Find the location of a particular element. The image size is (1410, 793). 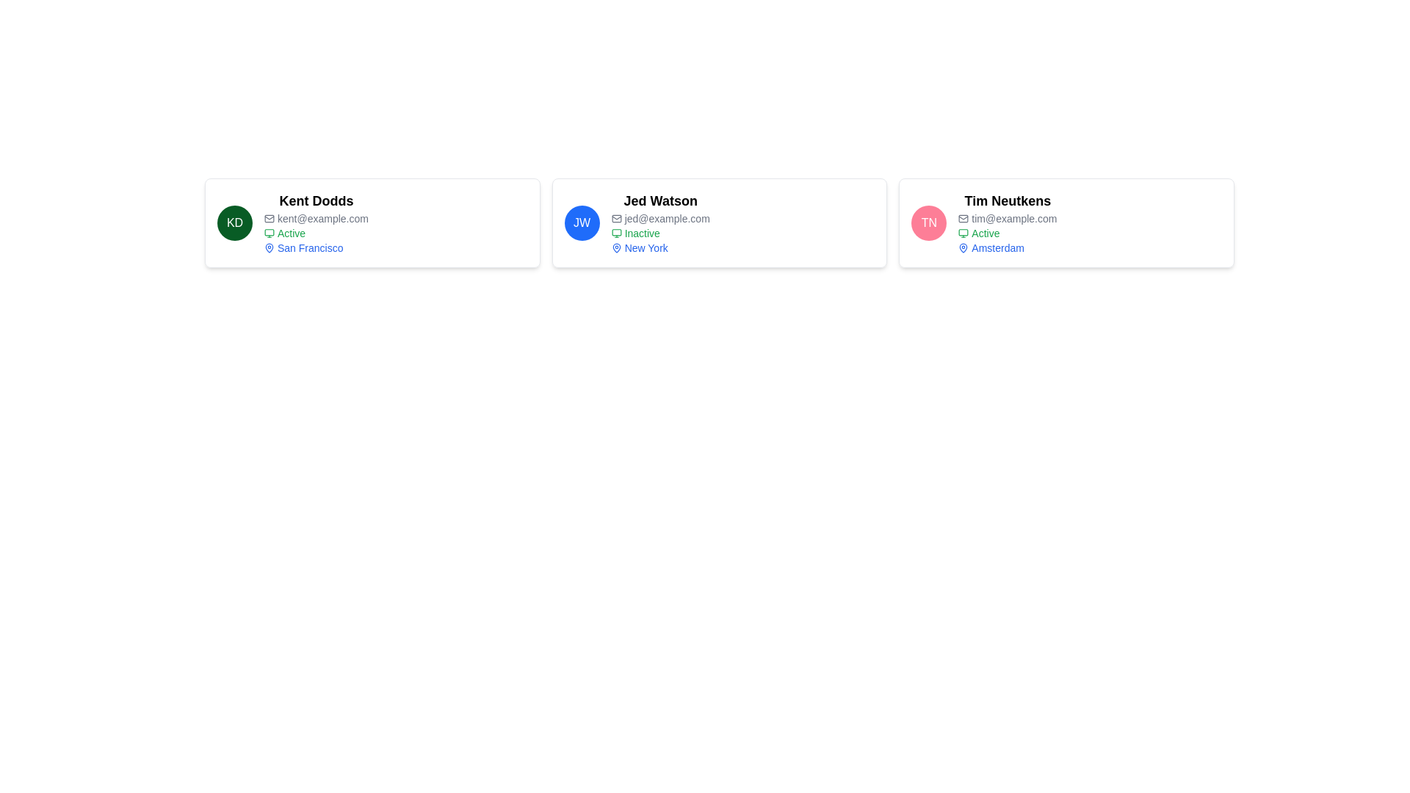

the label element displaying the location 'New York', which is located at the bottom of the card associated with 'Jed Watson' and 'jed@example.com' is located at coordinates (659, 247).